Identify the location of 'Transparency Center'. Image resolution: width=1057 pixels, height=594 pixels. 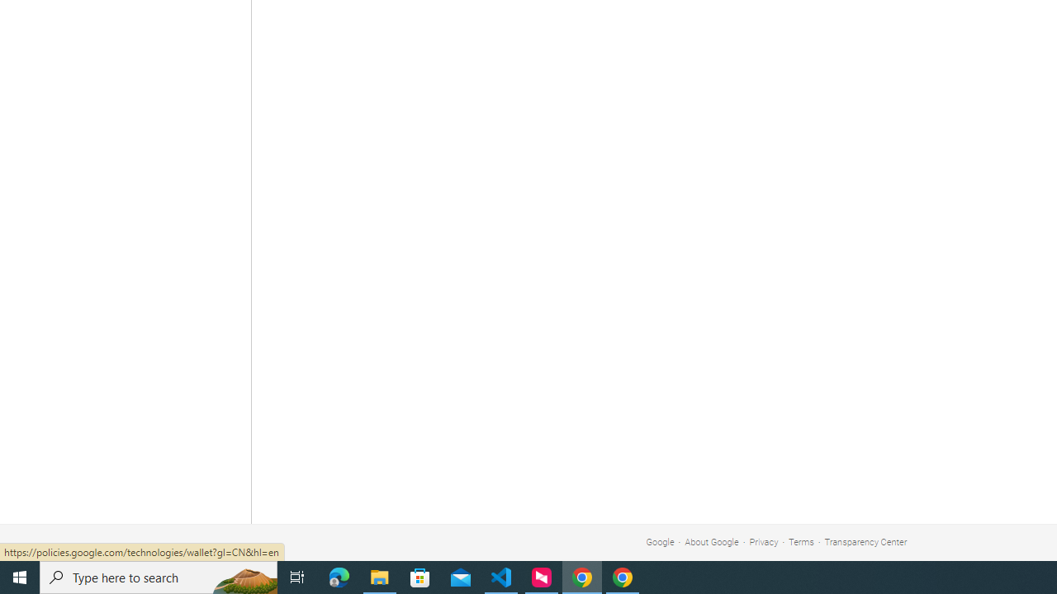
(865, 542).